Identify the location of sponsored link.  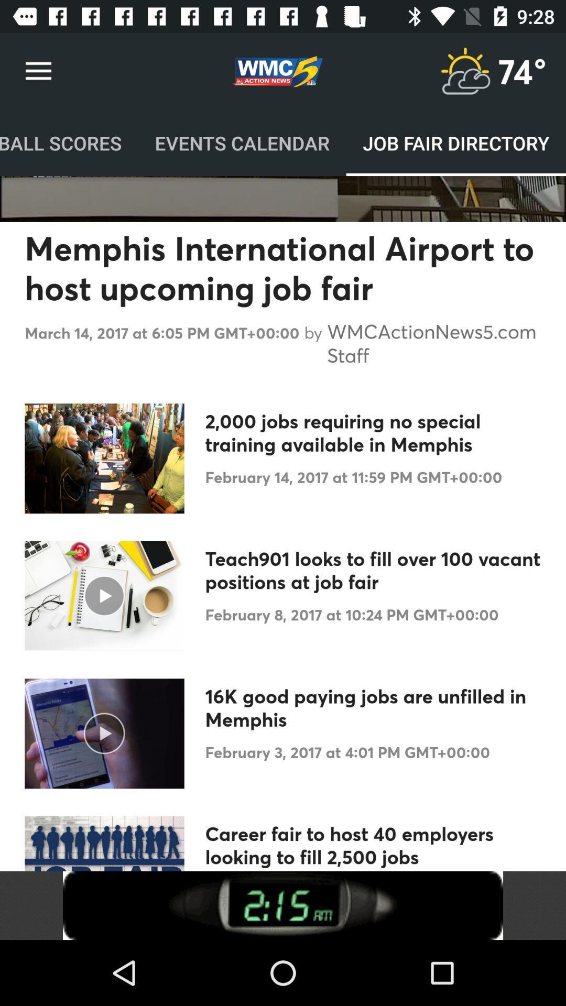
(283, 905).